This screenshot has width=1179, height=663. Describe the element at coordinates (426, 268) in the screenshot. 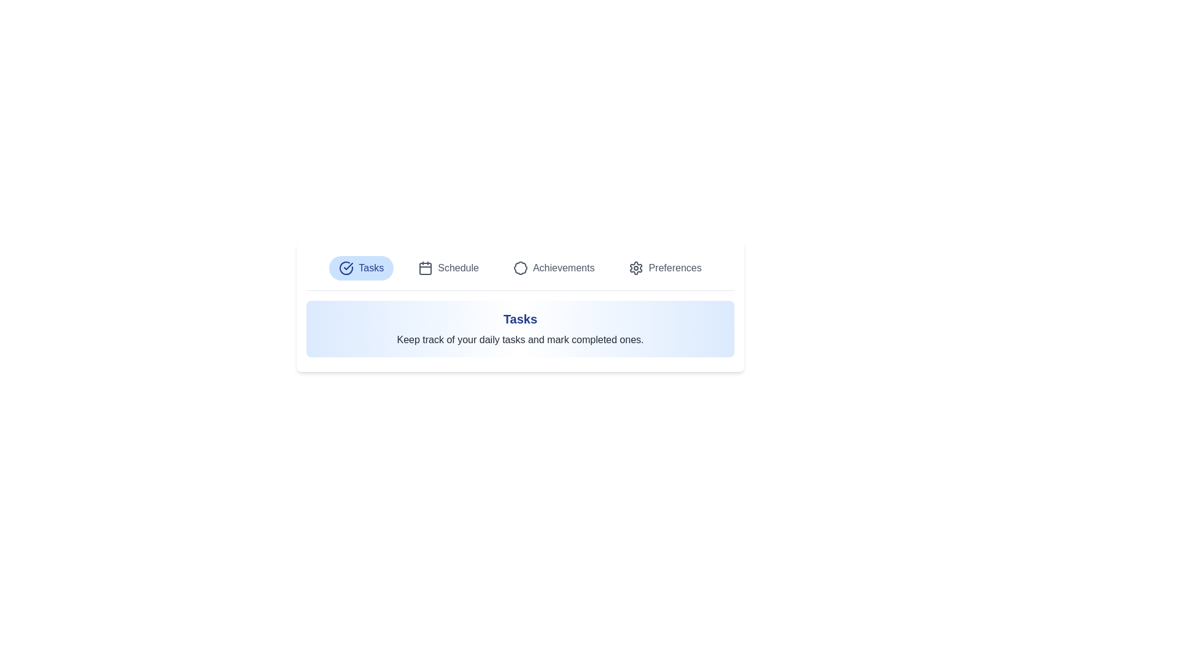

I see `the calendar date element within the custom SVG icon, which is centrally positioned and slightly offset, serving as a graphical representation for scheduling interactions` at that location.